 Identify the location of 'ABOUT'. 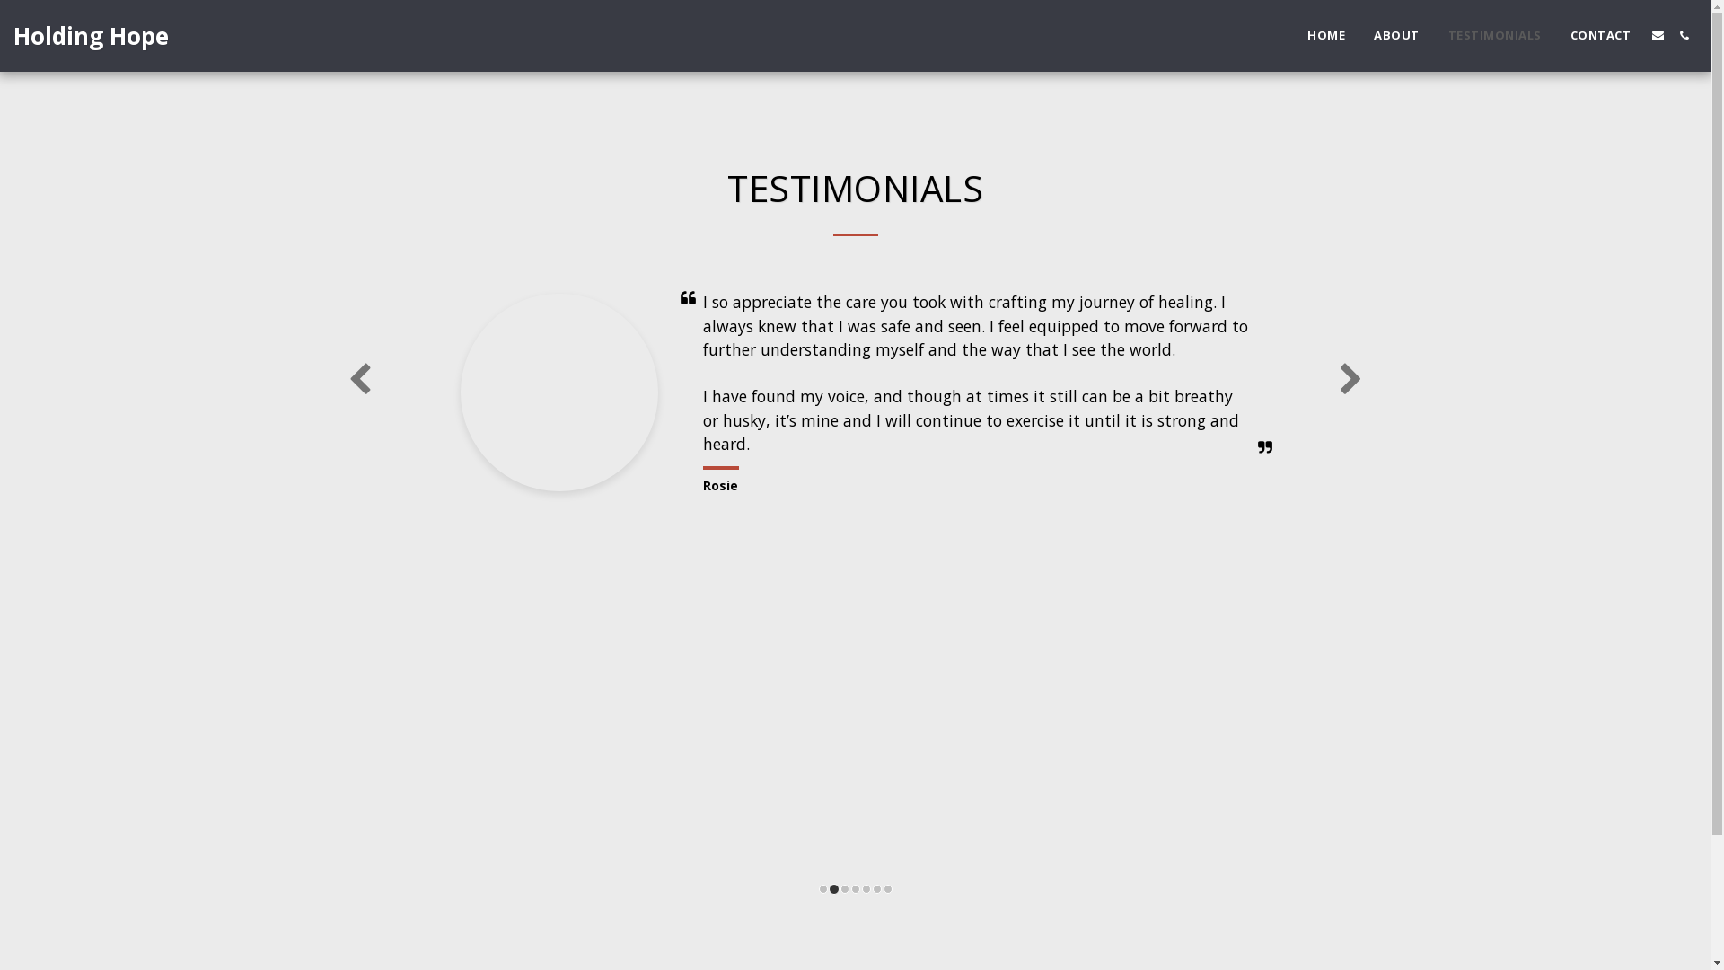
(1395, 34).